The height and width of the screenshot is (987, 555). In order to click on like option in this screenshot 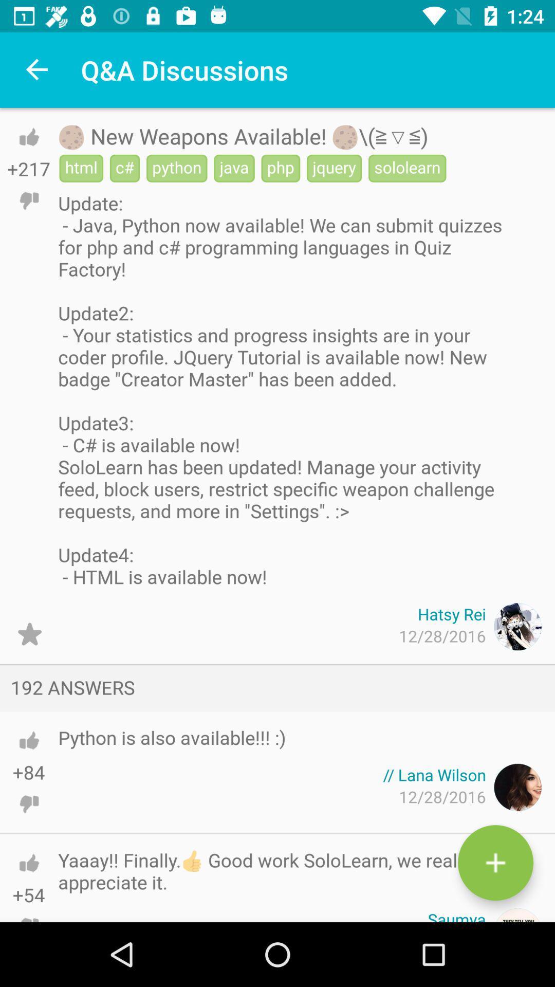, I will do `click(28, 740)`.